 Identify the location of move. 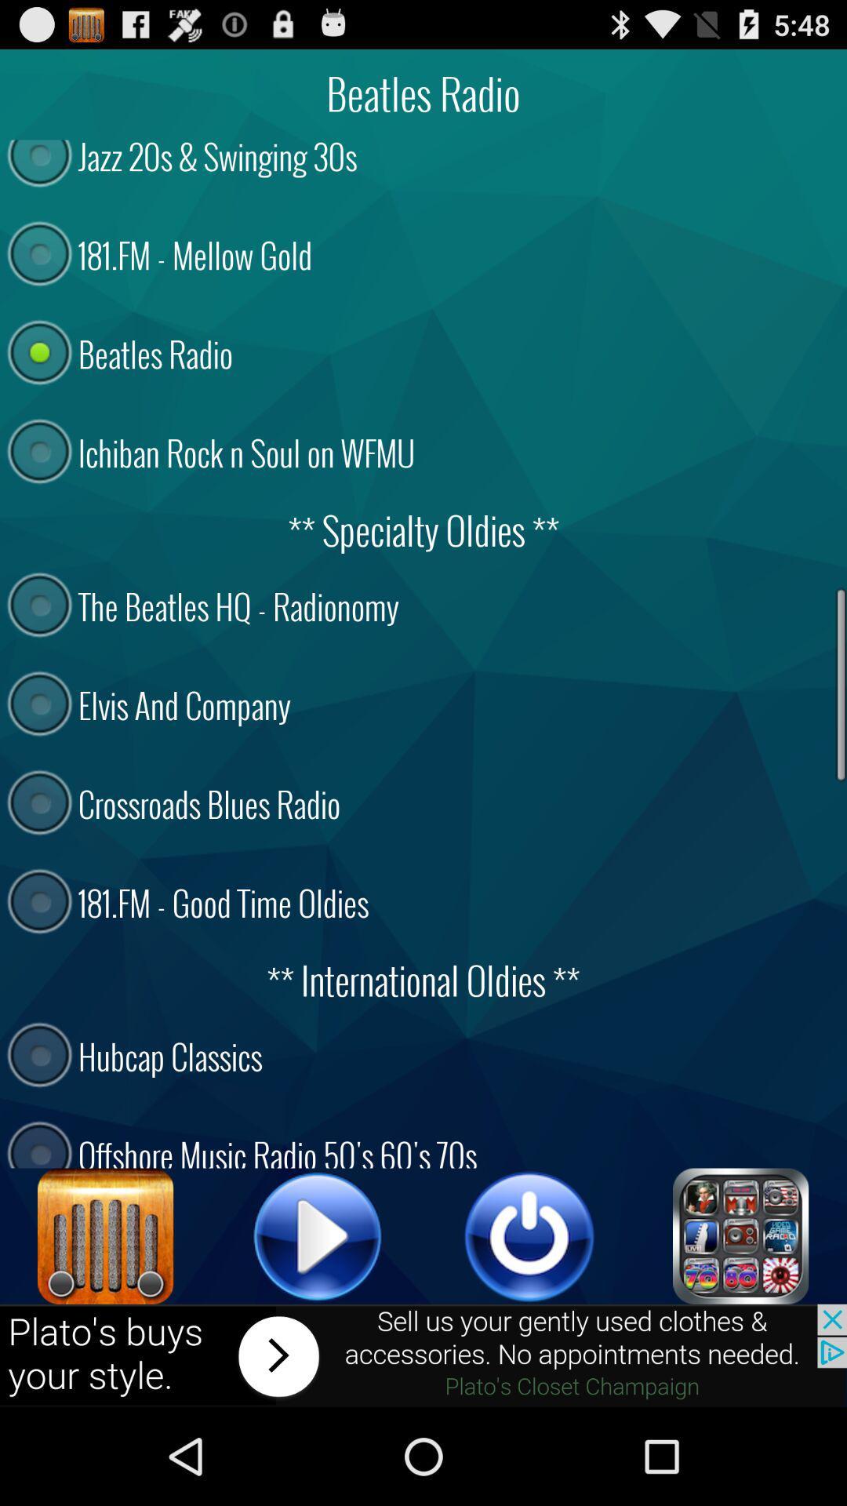
(423, 1355).